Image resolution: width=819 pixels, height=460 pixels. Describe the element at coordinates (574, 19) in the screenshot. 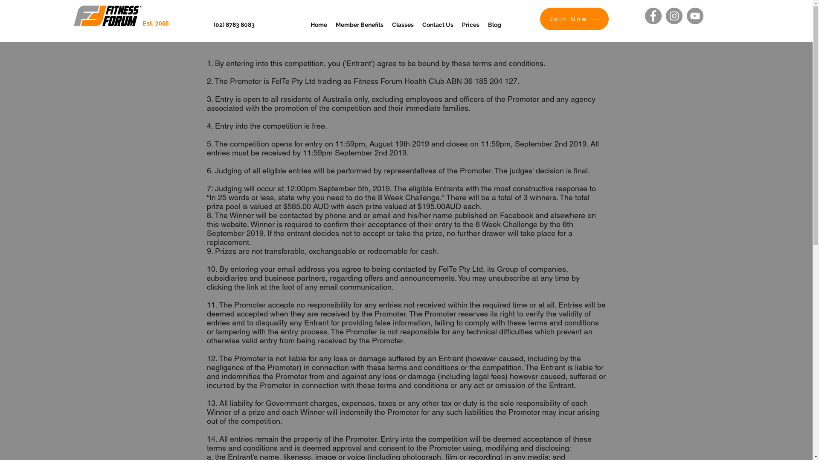

I see `'Join Now'` at that location.